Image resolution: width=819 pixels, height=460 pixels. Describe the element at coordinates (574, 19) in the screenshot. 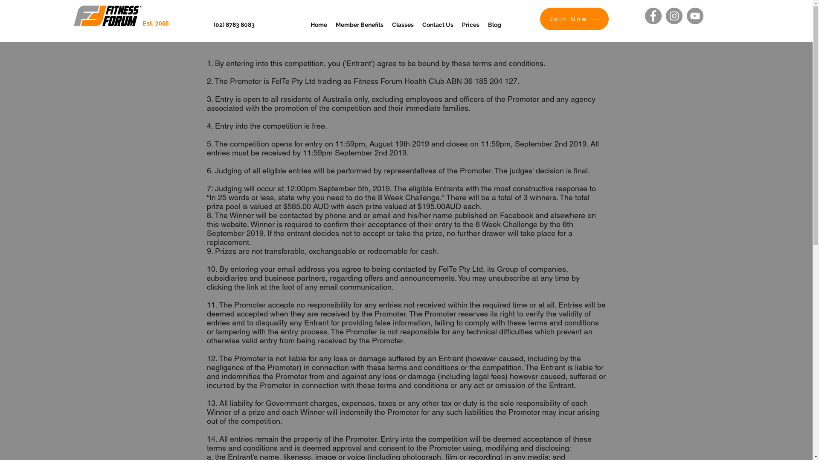

I see `'Join Now'` at that location.